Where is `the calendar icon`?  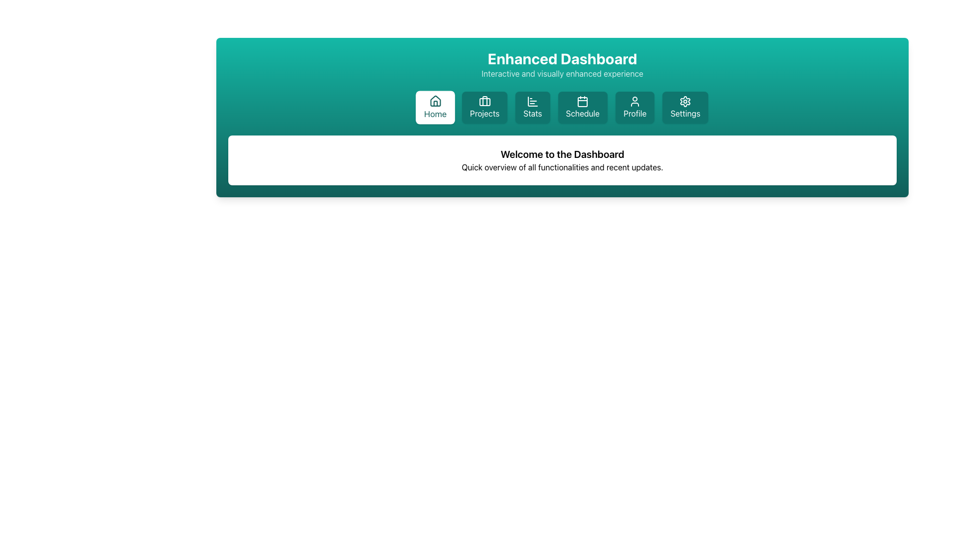
the calendar icon is located at coordinates (583, 102).